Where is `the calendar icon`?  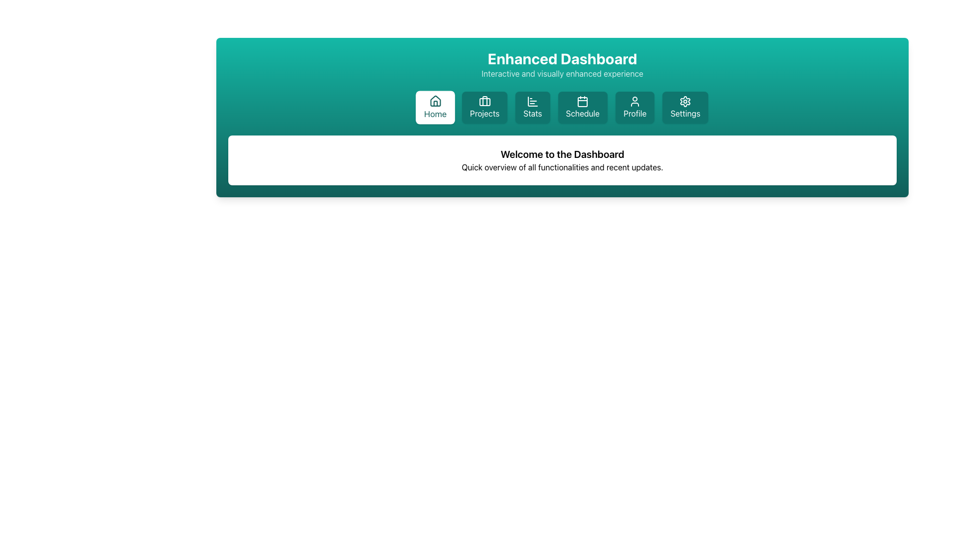
the calendar icon is located at coordinates (583, 102).